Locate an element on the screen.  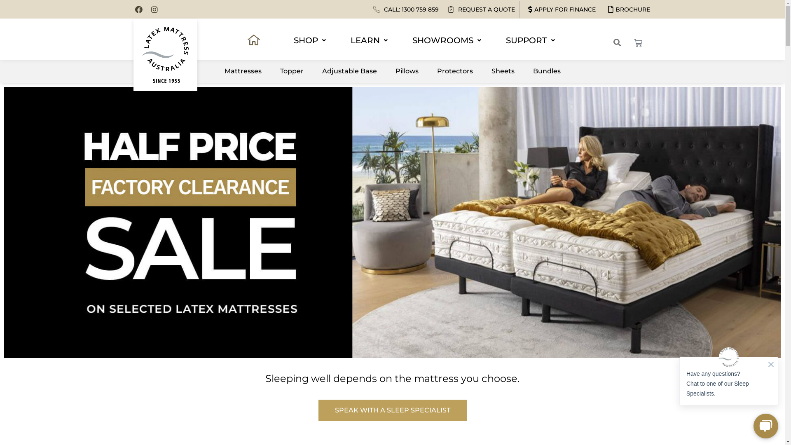
'Instagram' is located at coordinates (154, 9).